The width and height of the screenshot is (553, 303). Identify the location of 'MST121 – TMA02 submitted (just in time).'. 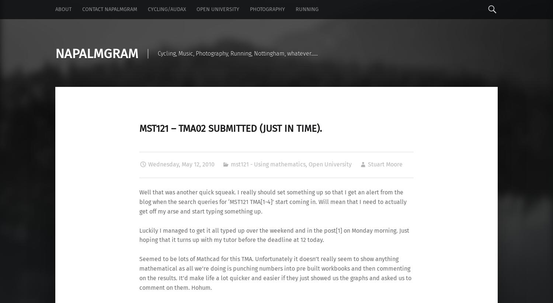
(230, 128).